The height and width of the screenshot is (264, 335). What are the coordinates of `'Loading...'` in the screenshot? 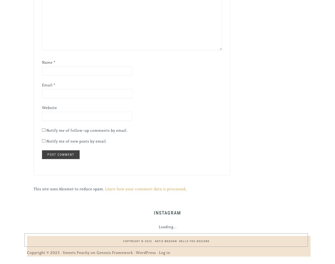 It's located at (167, 227).